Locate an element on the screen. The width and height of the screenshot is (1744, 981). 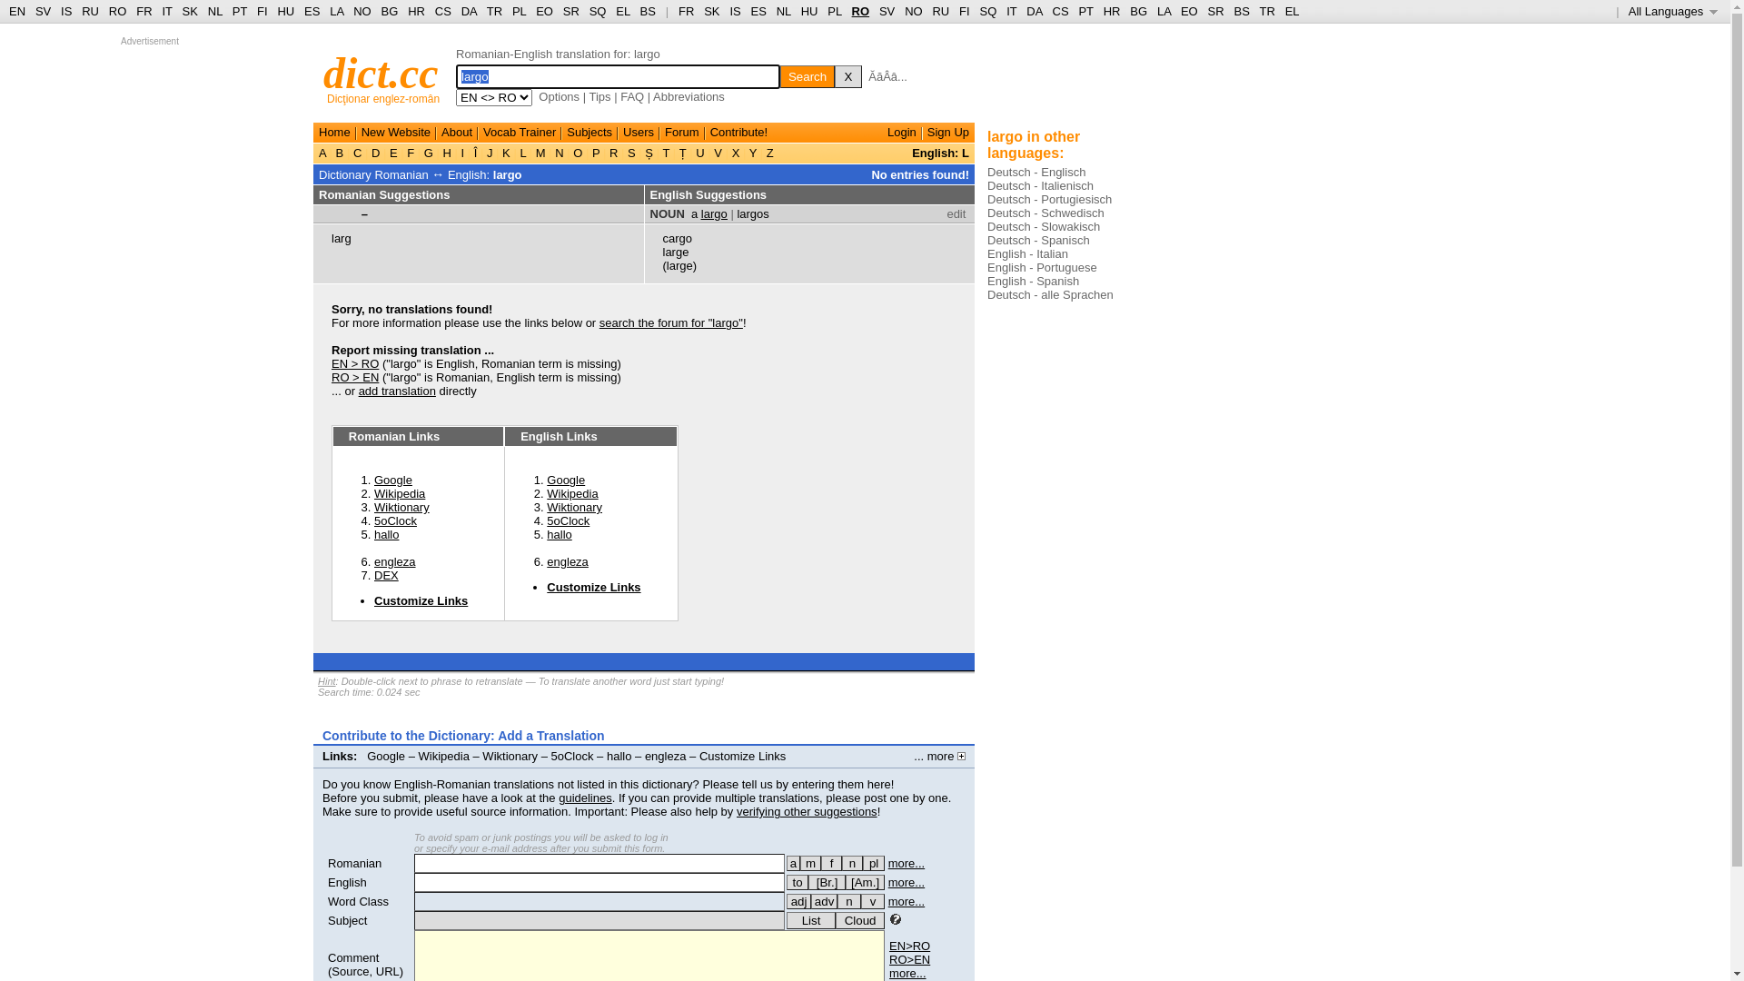
'Contribute to the Dictionary: Add a Translation' is located at coordinates (463, 736).